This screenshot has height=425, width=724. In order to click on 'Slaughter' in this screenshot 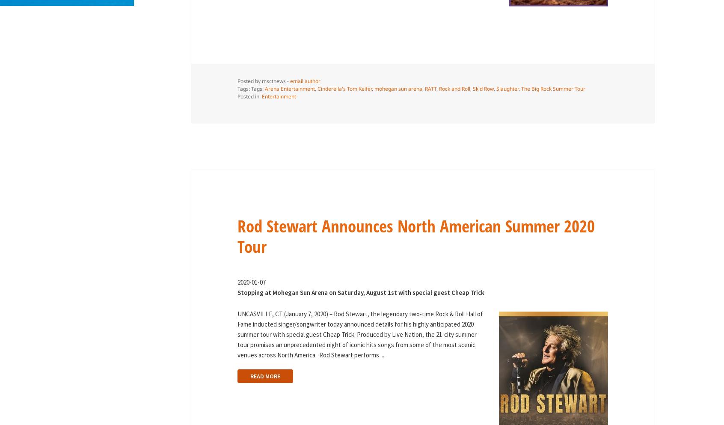, I will do `click(496, 89)`.